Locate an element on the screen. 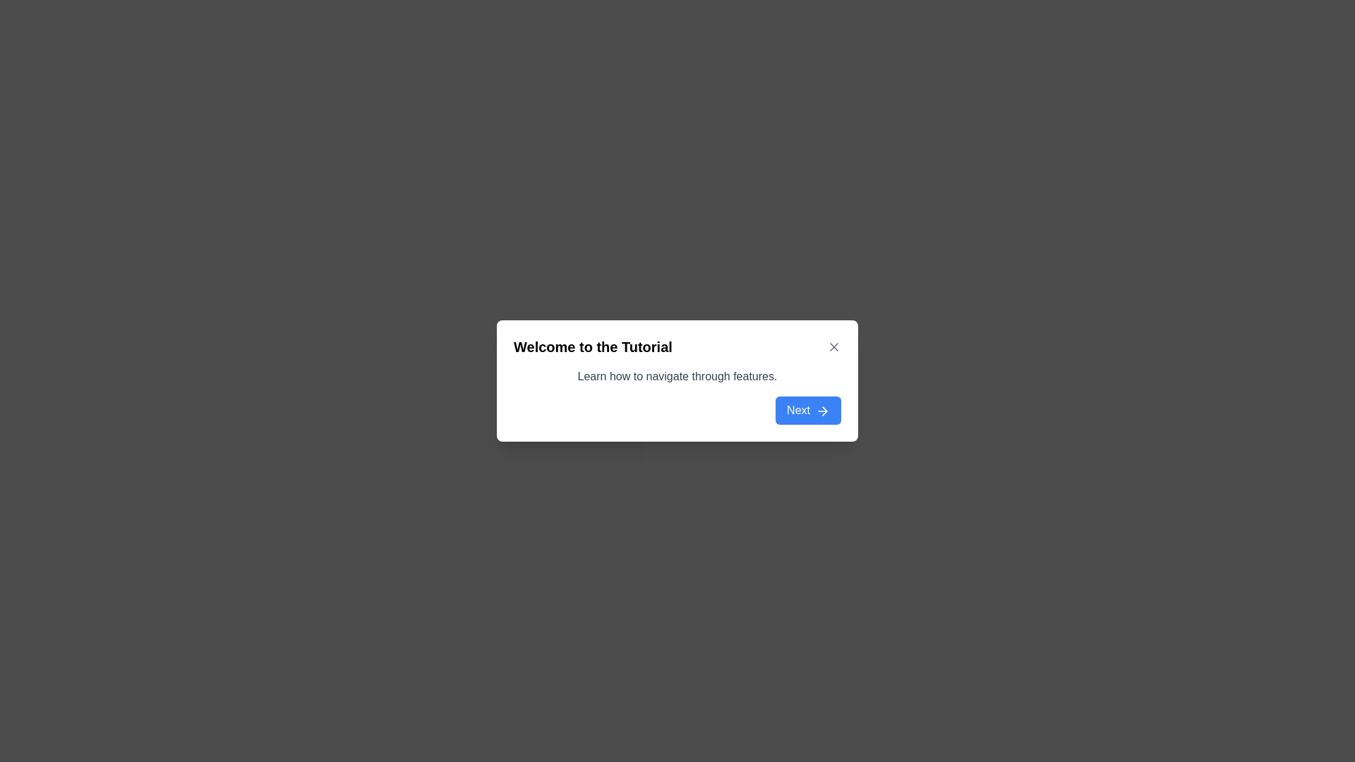 The width and height of the screenshot is (1355, 762). the main heading of the tutorial dialog, which provides an introductory message and is aligned to the left within the white dialog box is located at coordinates (593, 347).